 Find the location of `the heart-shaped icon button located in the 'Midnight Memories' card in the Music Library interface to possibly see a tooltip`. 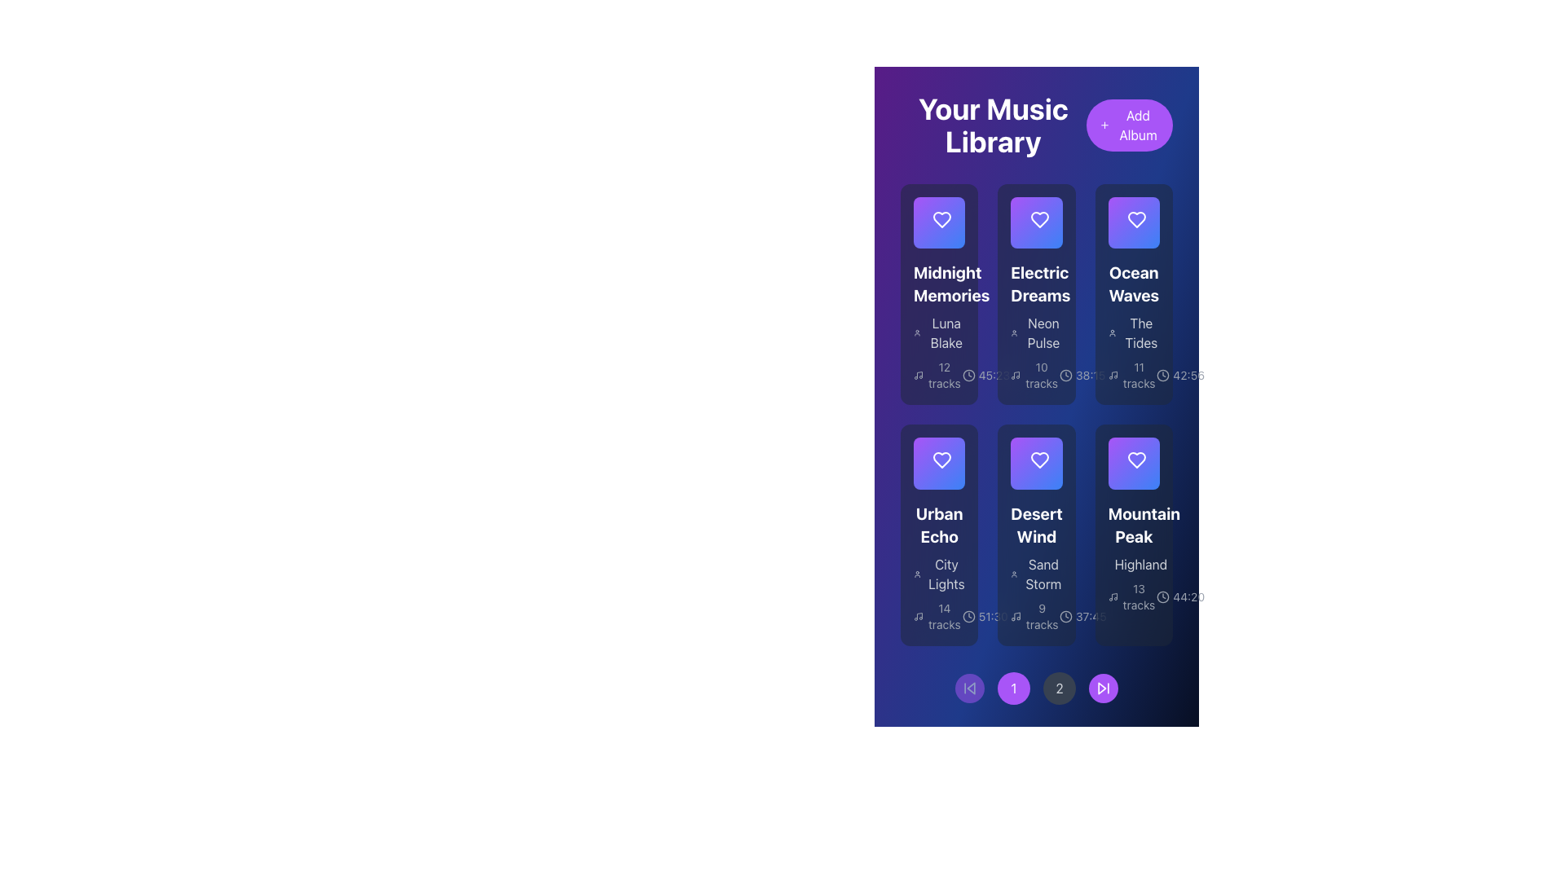

the heart-shaped icon button located in the 'Midnight Memories' card in the Music Library interface to possibly see a tooltip is located at coordinates (942, 220).